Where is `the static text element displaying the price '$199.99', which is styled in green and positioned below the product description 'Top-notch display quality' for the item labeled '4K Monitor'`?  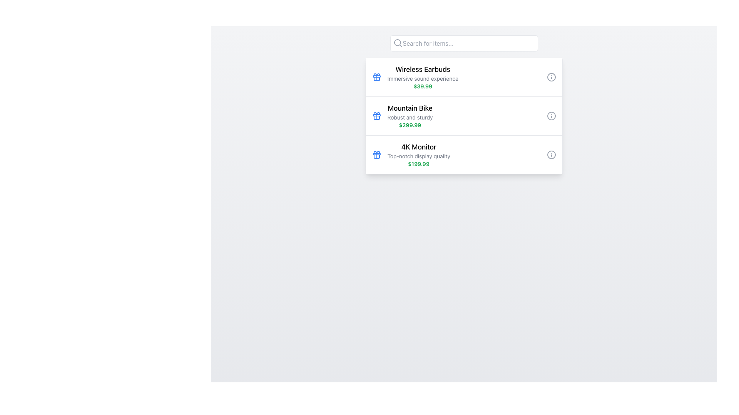
the static text element displaying the price '$199.99', which is styled in green and positioned below the product description 'Top-notch display quality' for the item labeled '4K Monitor' is located at coordinates (418, 164).